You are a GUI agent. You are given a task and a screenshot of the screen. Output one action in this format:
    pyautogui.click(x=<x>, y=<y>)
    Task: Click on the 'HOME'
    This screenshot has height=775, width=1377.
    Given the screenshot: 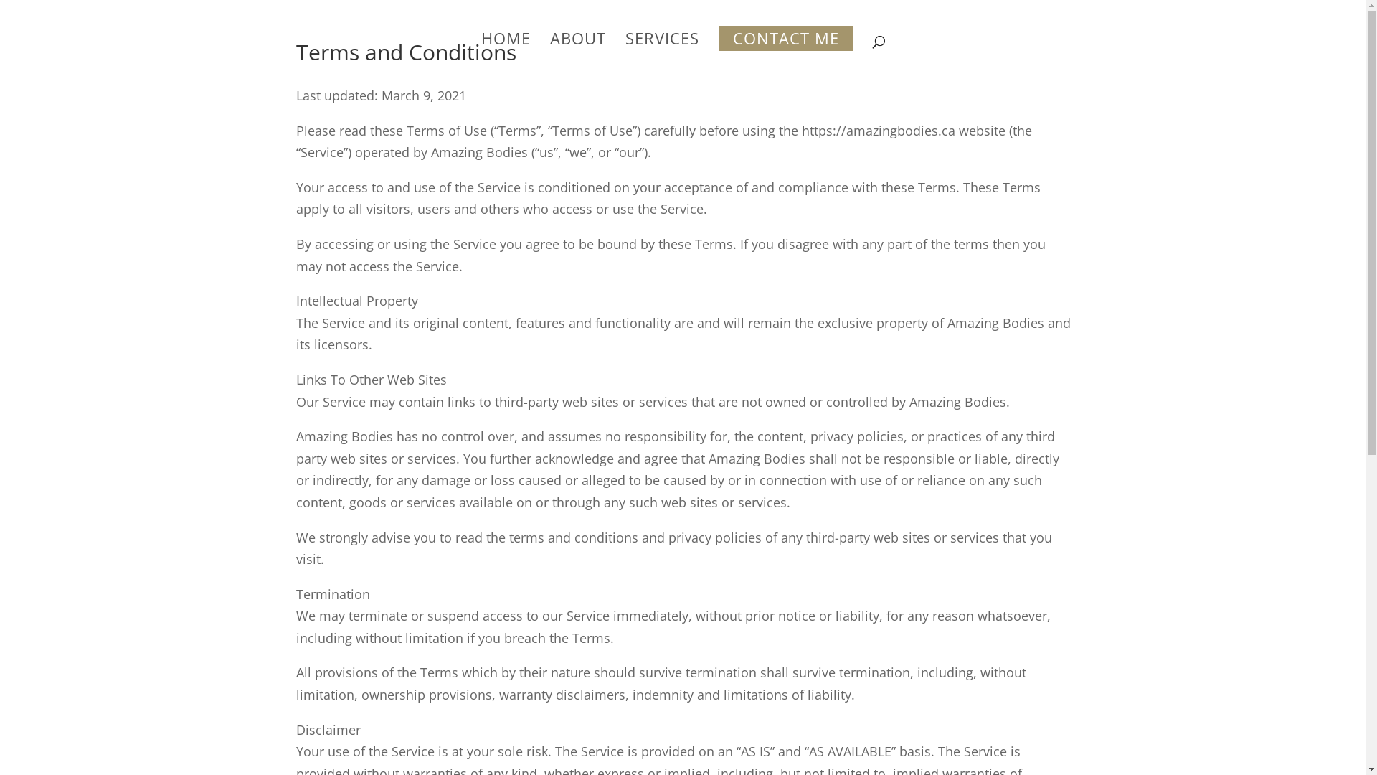 What is the action you would take?
    pyautogui.click(x=505, y=50)
    